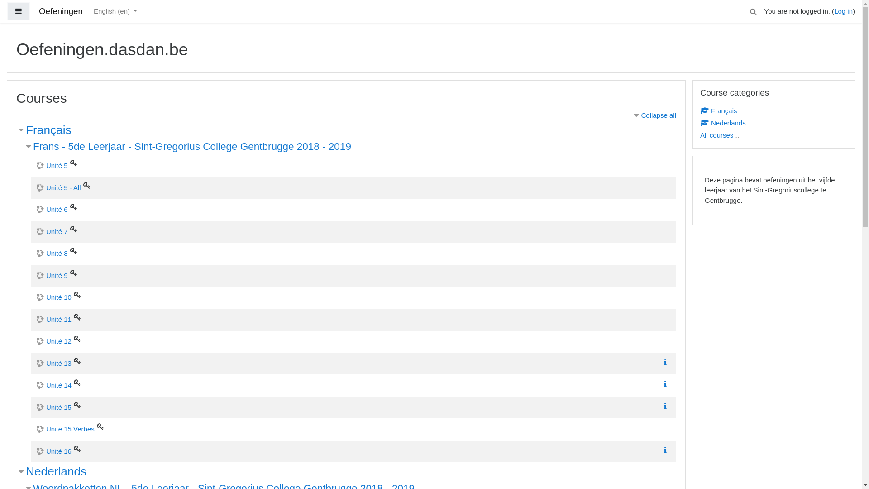 The image size is (869, 489). Describe the element at coordinates (77, 382) in the screenshot. I see `'Self enrolment'` at that location.